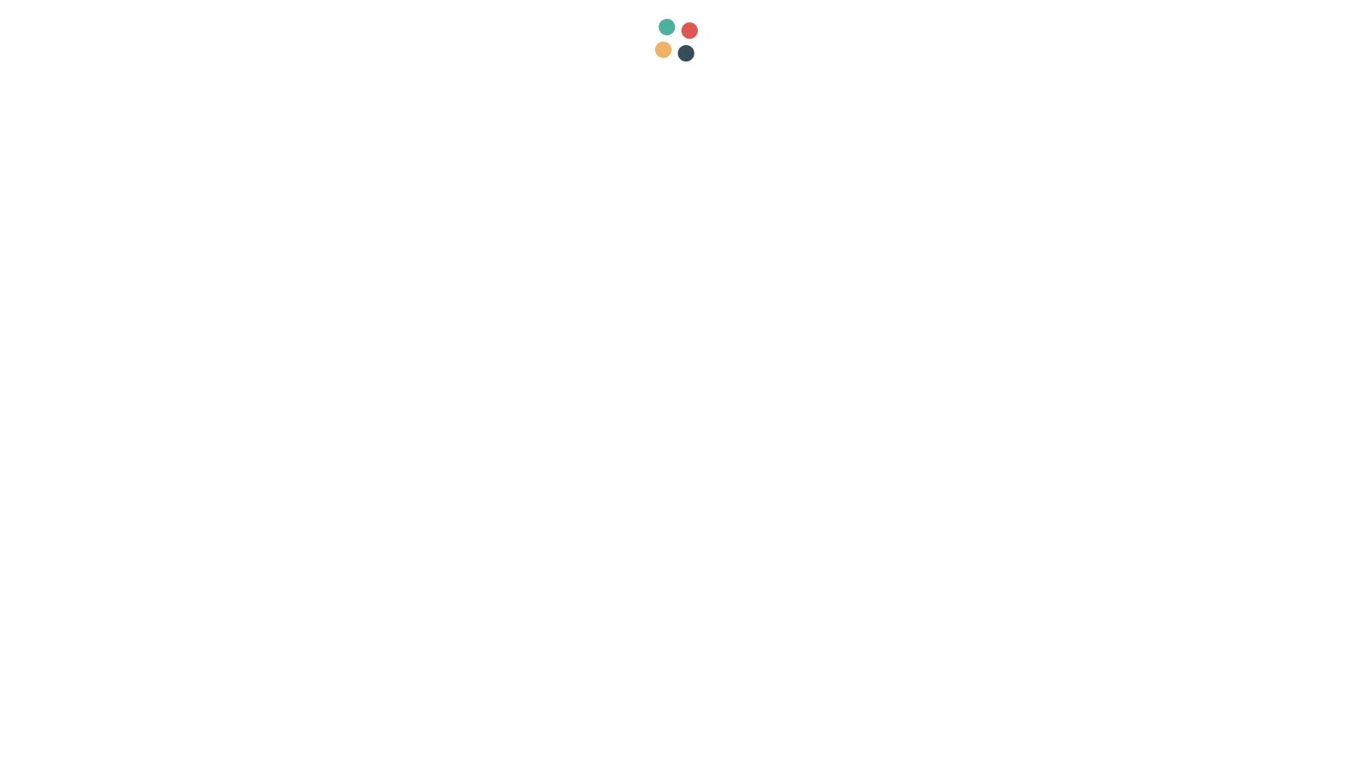 This screenshot has height=780, width=1353. What do you see at coordinates (966, 480) in the screenshot?
I see `'Friday 13 June 2014'` at bounding box center [966, 480].